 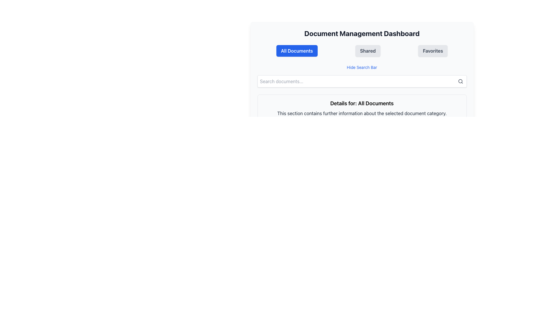 I want to click on the search icon, which is a simple magnifying glass shape outlined in gray, located at the top right corner of the search input field, so click(x=460, y=81).